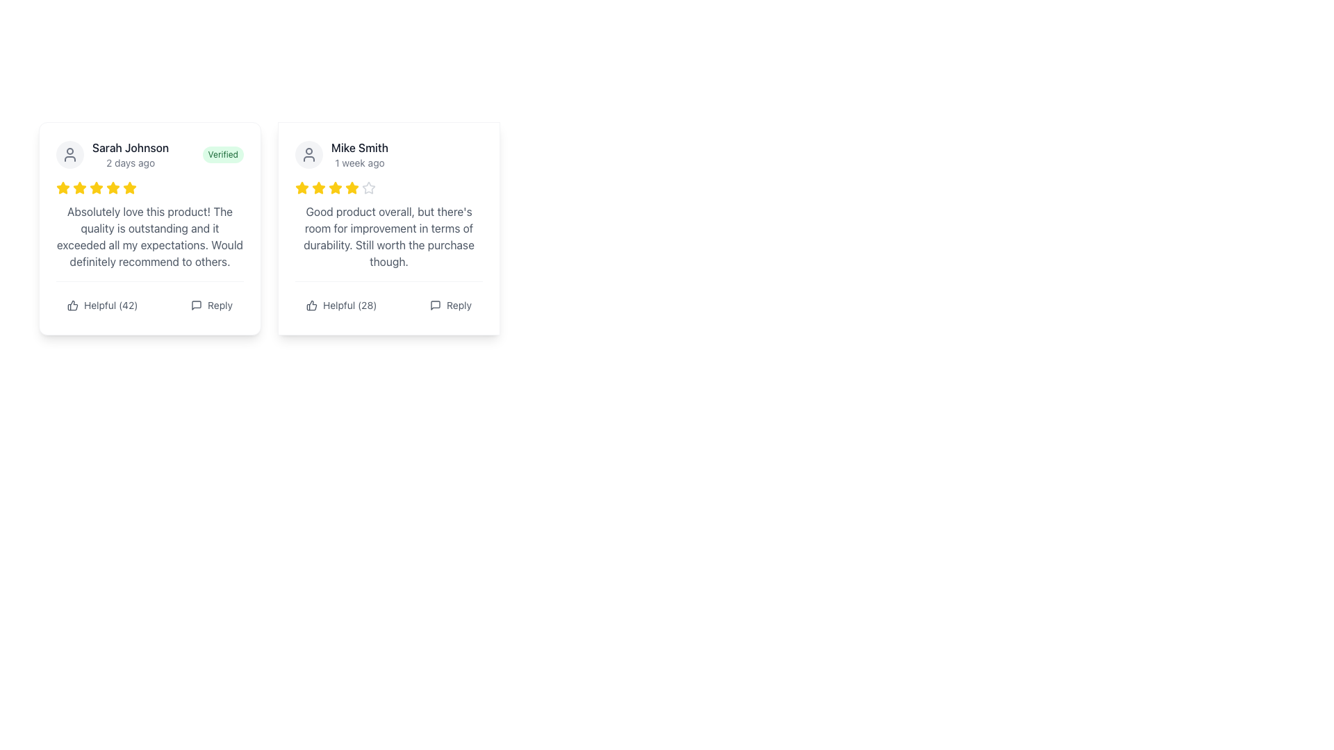  I want to click on the first star icon in the five-star rating system on Sarah Johnson's review card, so click(63, 187).